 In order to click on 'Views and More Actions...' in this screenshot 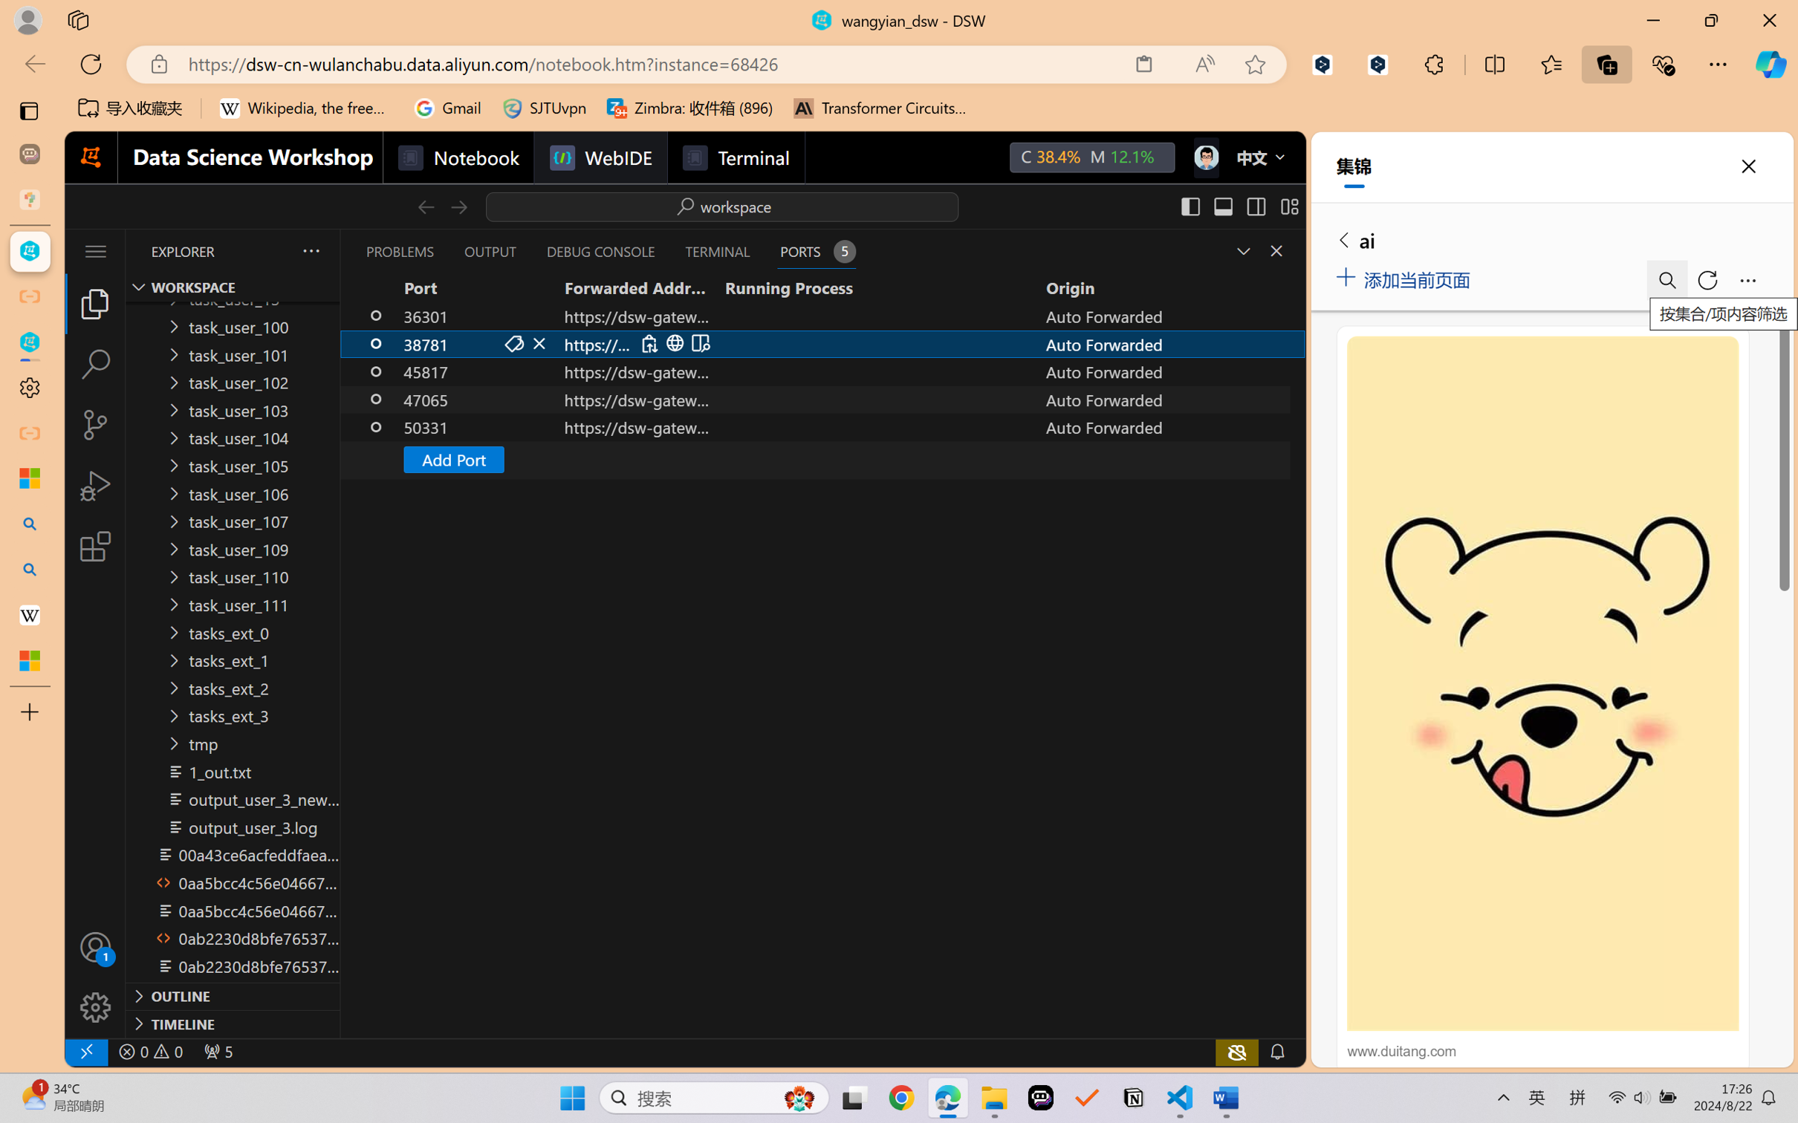, I will do `click(309, 250)`.